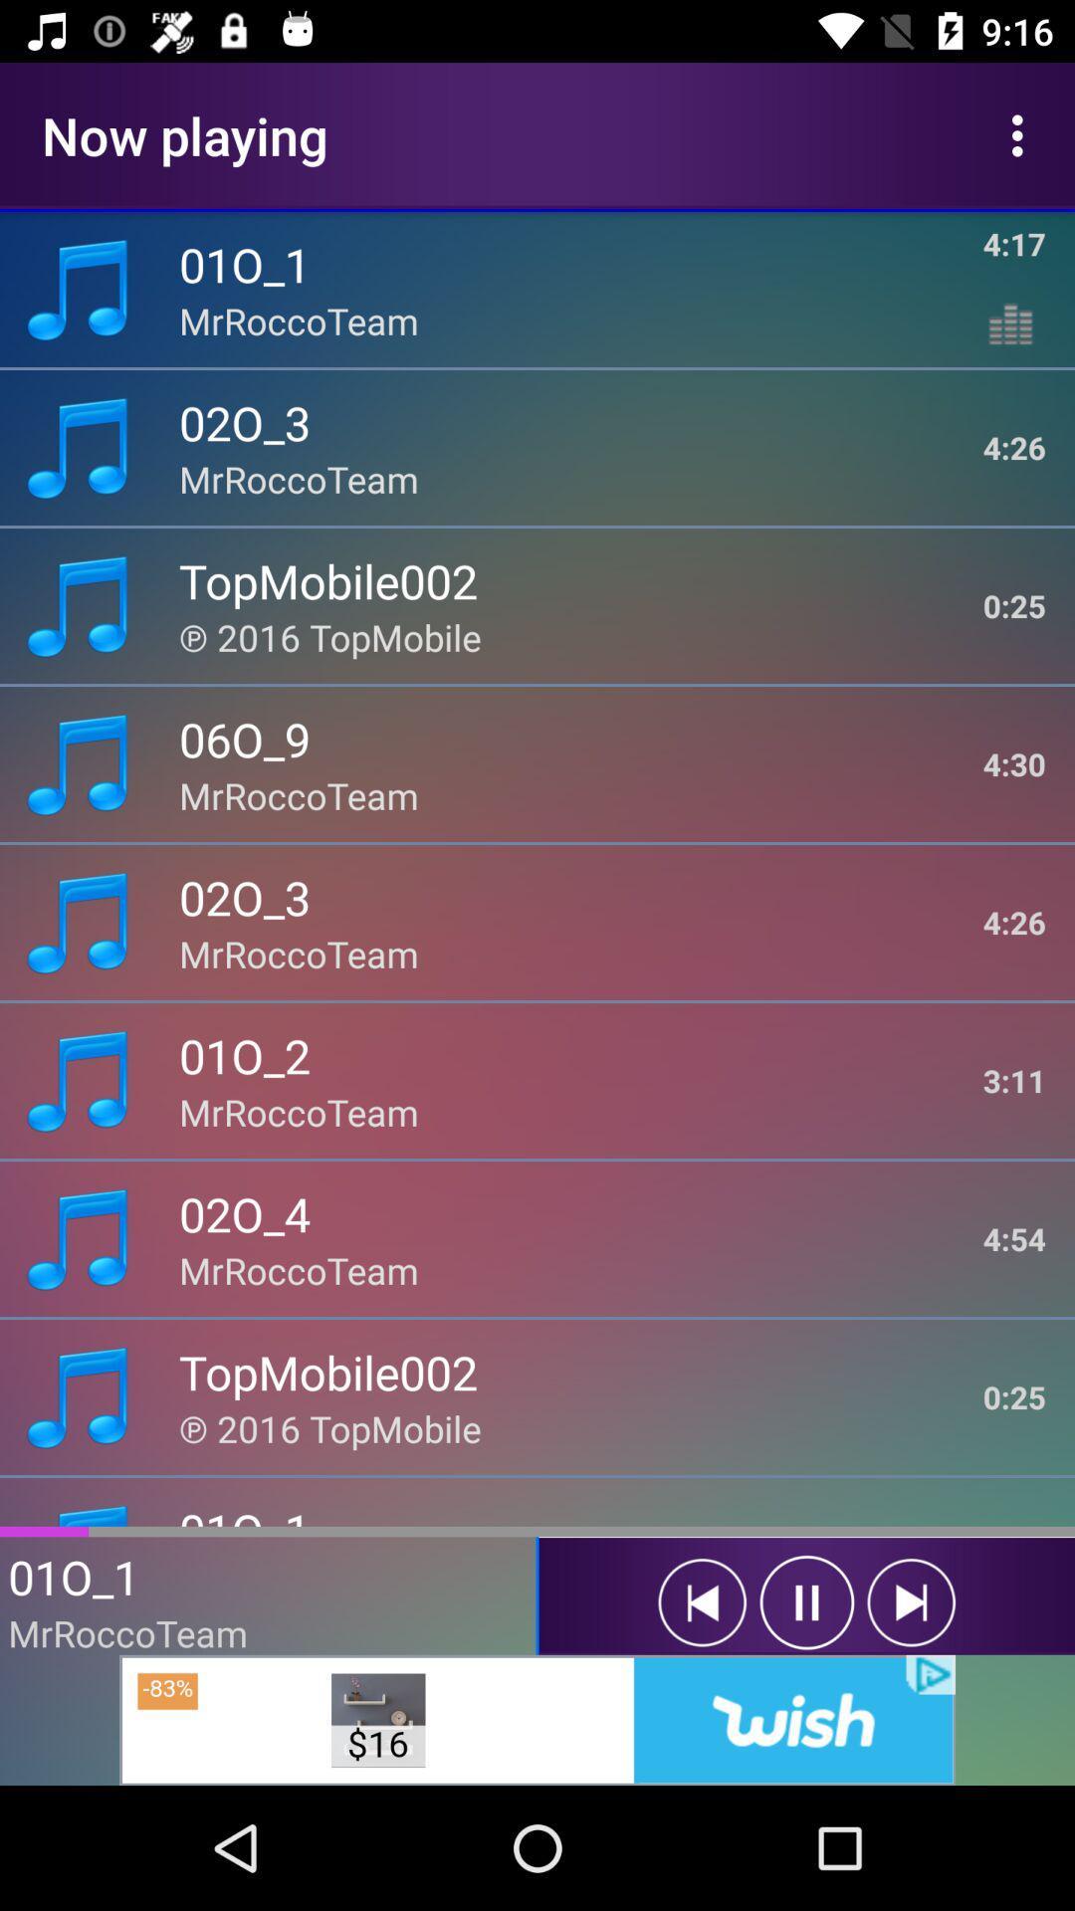  I want to click on the skip_previous icon, so click(701, 1602).